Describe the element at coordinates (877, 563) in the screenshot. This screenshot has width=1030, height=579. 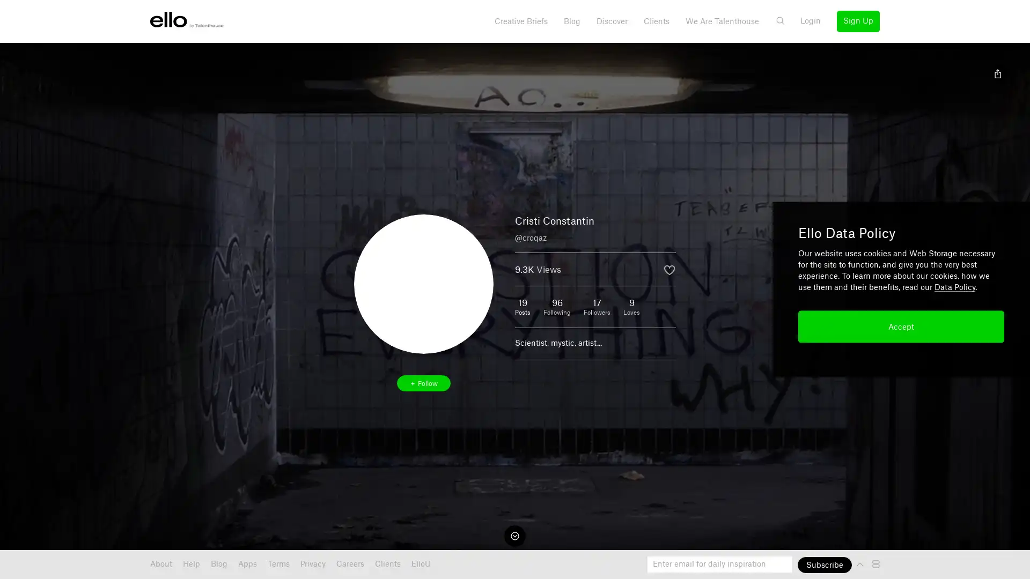
I see `List View` at that location.